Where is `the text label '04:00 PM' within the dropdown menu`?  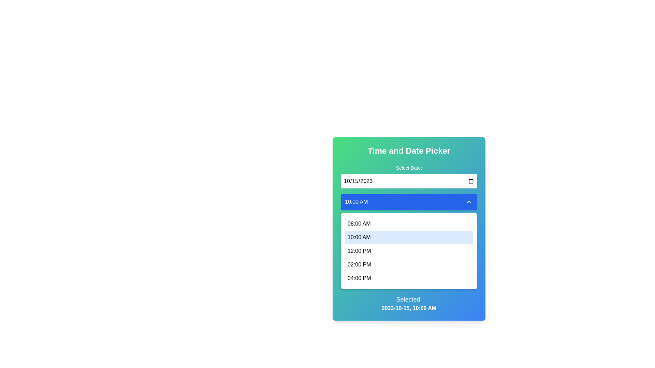 the text label '04:00 PM' within the dropdown menu is located at coordinates (359, 278).